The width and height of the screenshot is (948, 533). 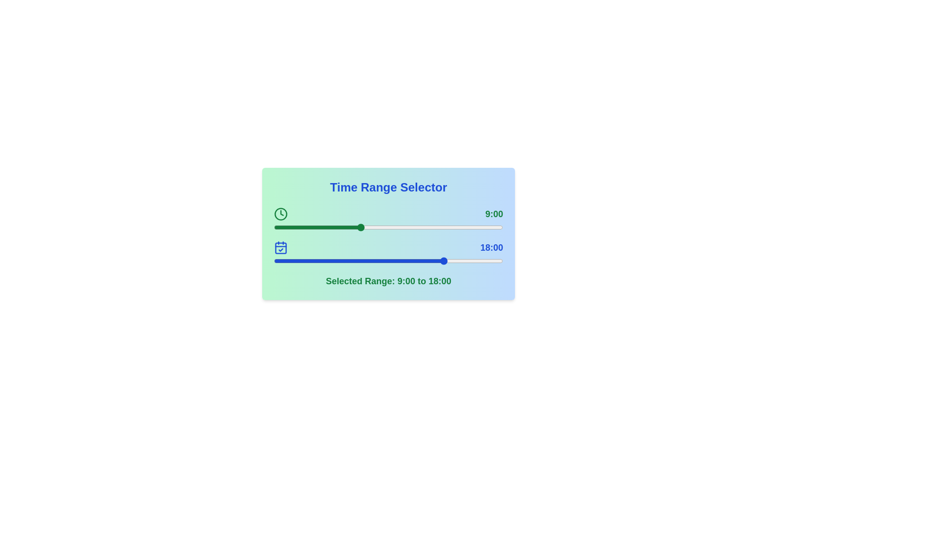 What do you see at coordinates (435, 260) in the screenshot?
I see `the time` at bounding box center [435, 260].